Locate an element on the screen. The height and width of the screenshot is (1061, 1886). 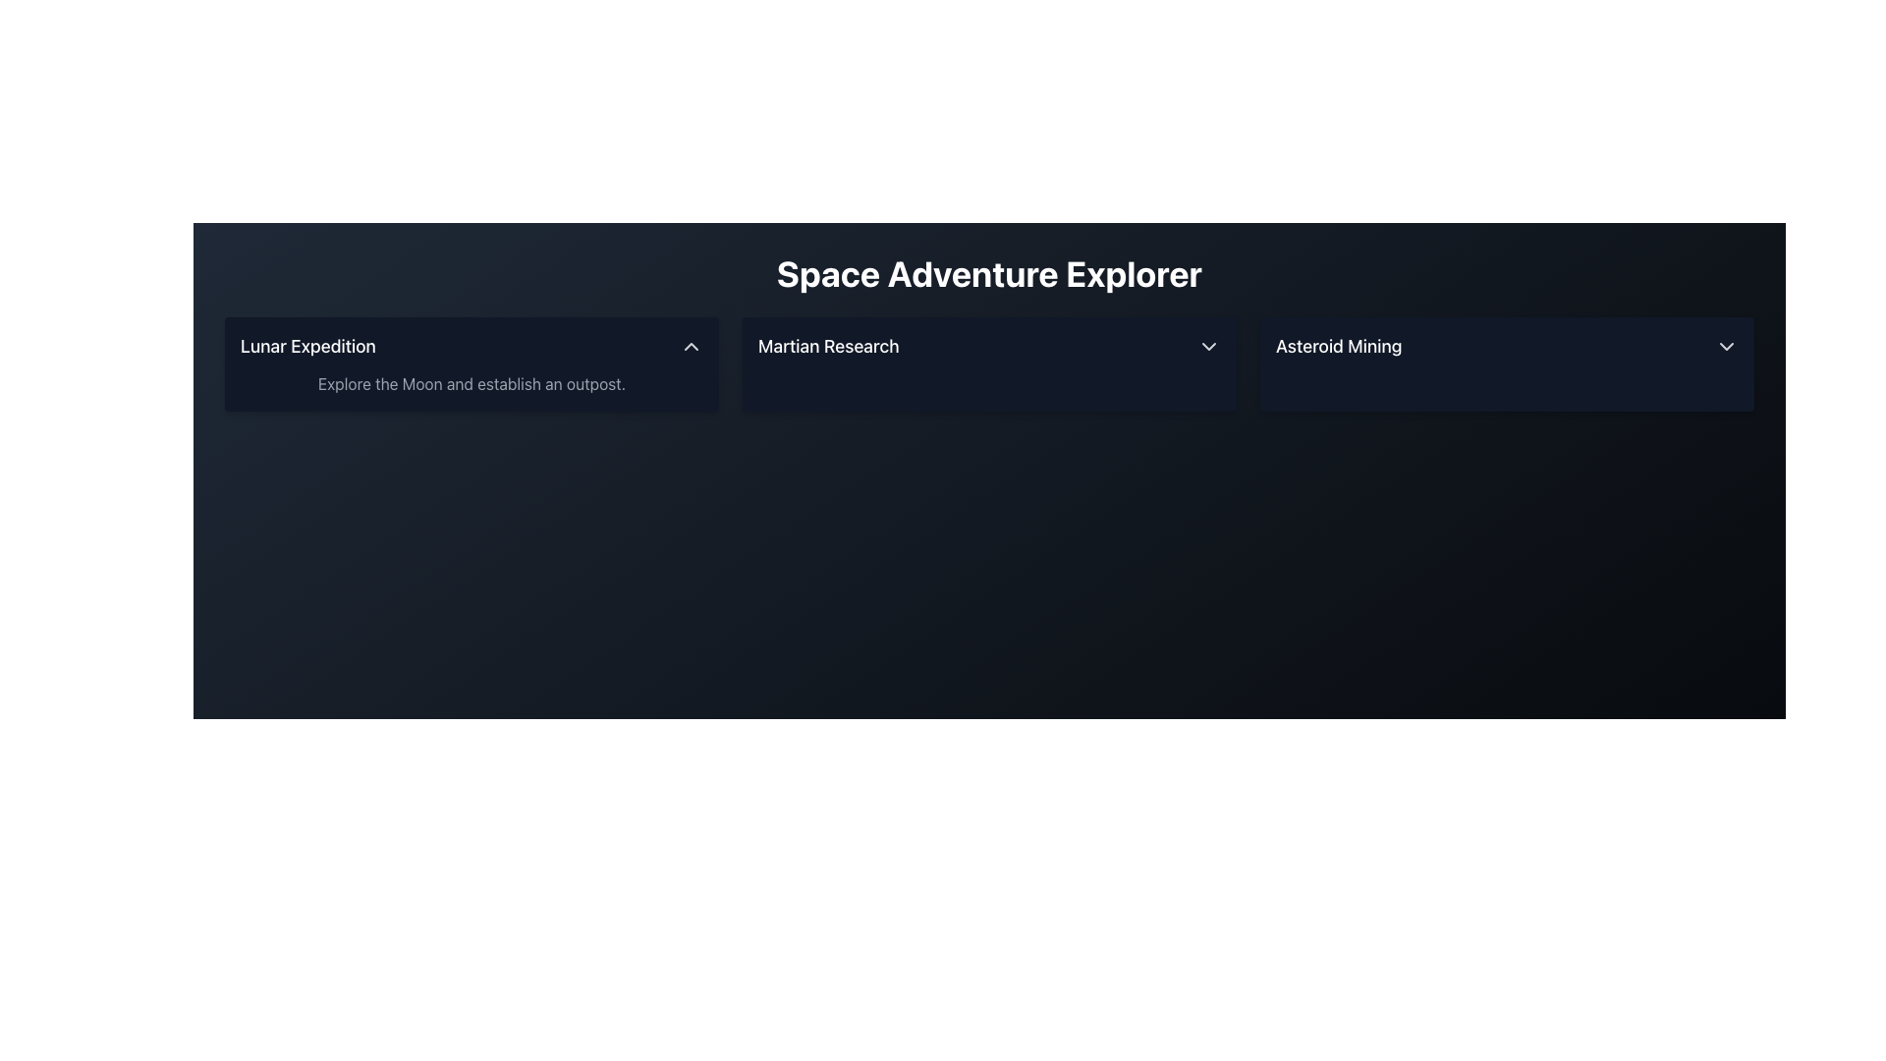
the second card is located at coordinates (989, 363).